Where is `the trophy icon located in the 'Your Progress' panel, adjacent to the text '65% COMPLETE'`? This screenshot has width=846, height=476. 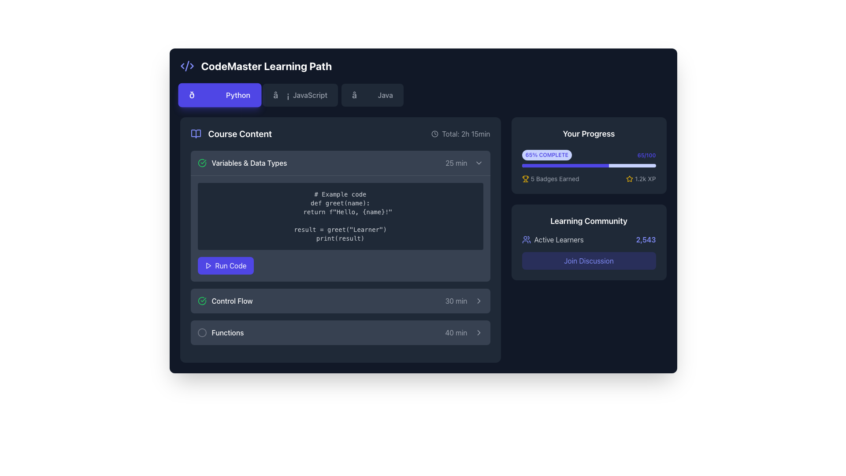 the trophy icon located in the 'Your Progress' panel, adjacent to the text '65% COMPLETE' is located at coordinates (525, 178).